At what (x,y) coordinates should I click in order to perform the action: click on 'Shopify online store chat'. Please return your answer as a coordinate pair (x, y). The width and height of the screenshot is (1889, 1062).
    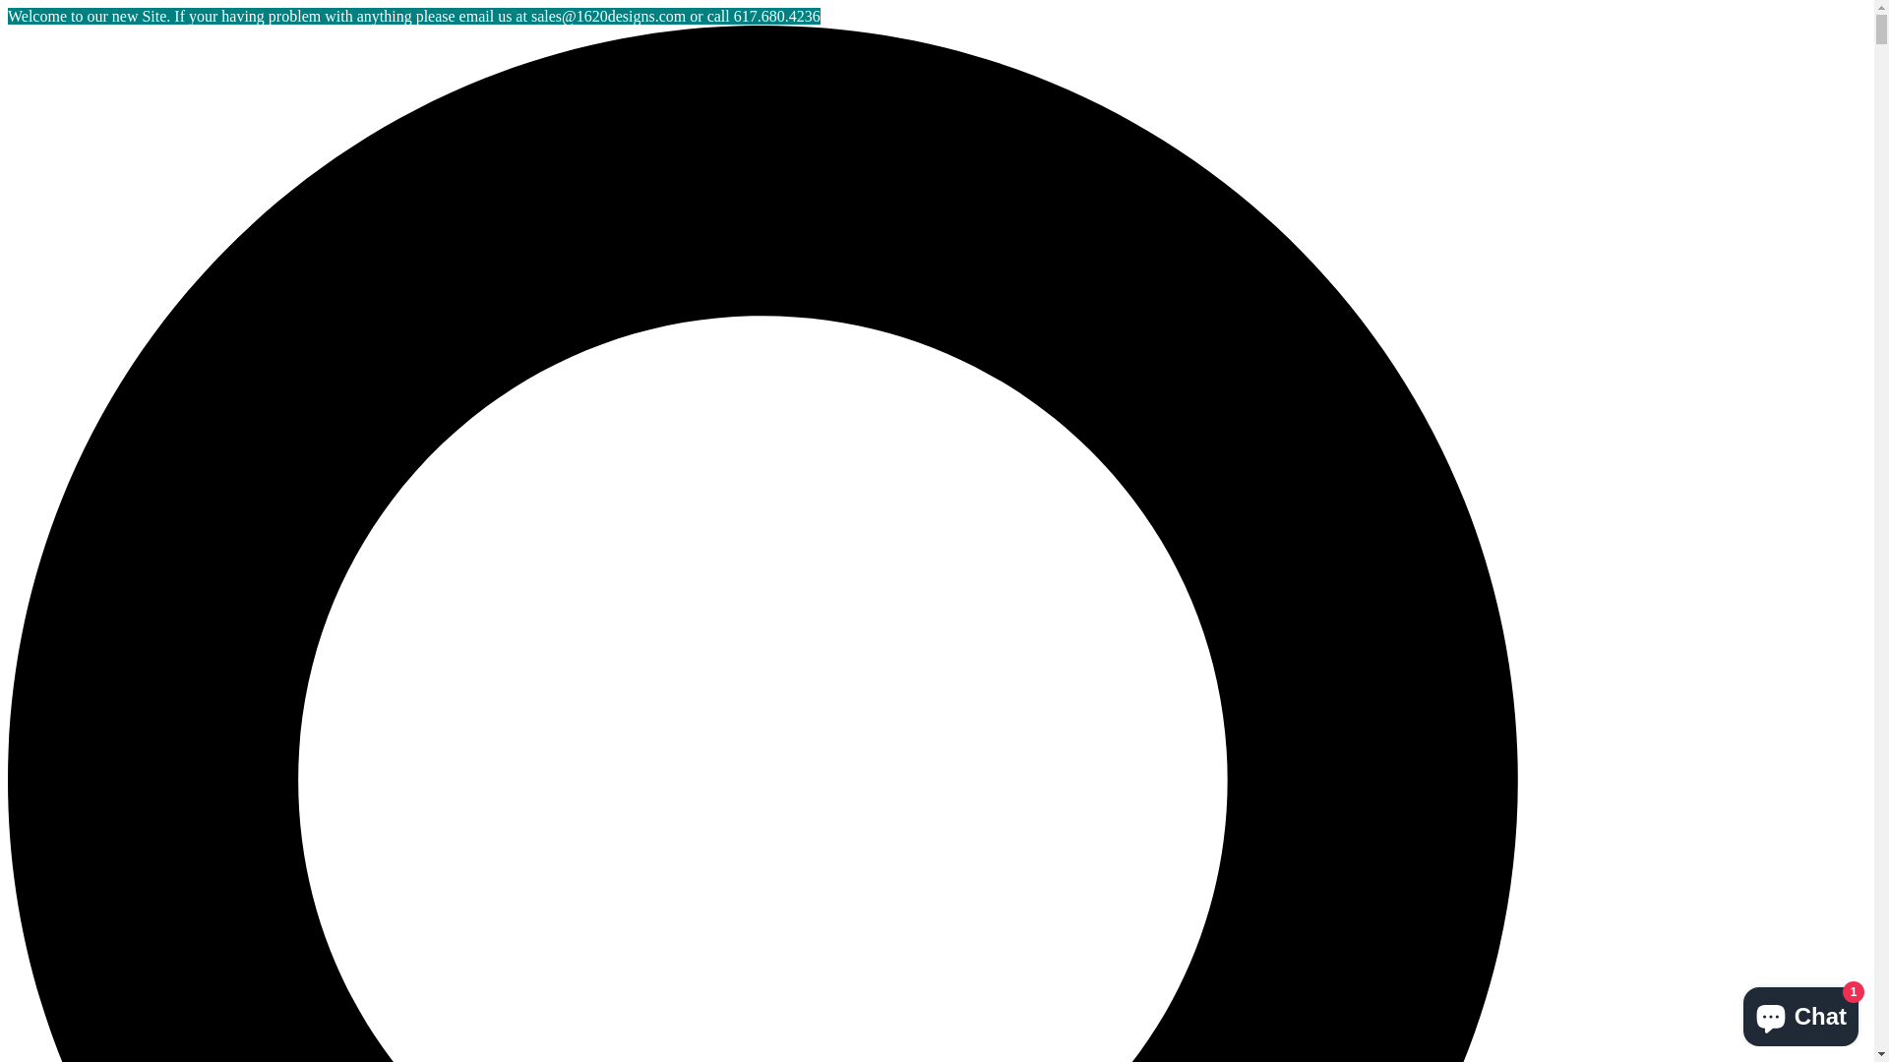
    Looking at the image, I should click on (1737, 1012).